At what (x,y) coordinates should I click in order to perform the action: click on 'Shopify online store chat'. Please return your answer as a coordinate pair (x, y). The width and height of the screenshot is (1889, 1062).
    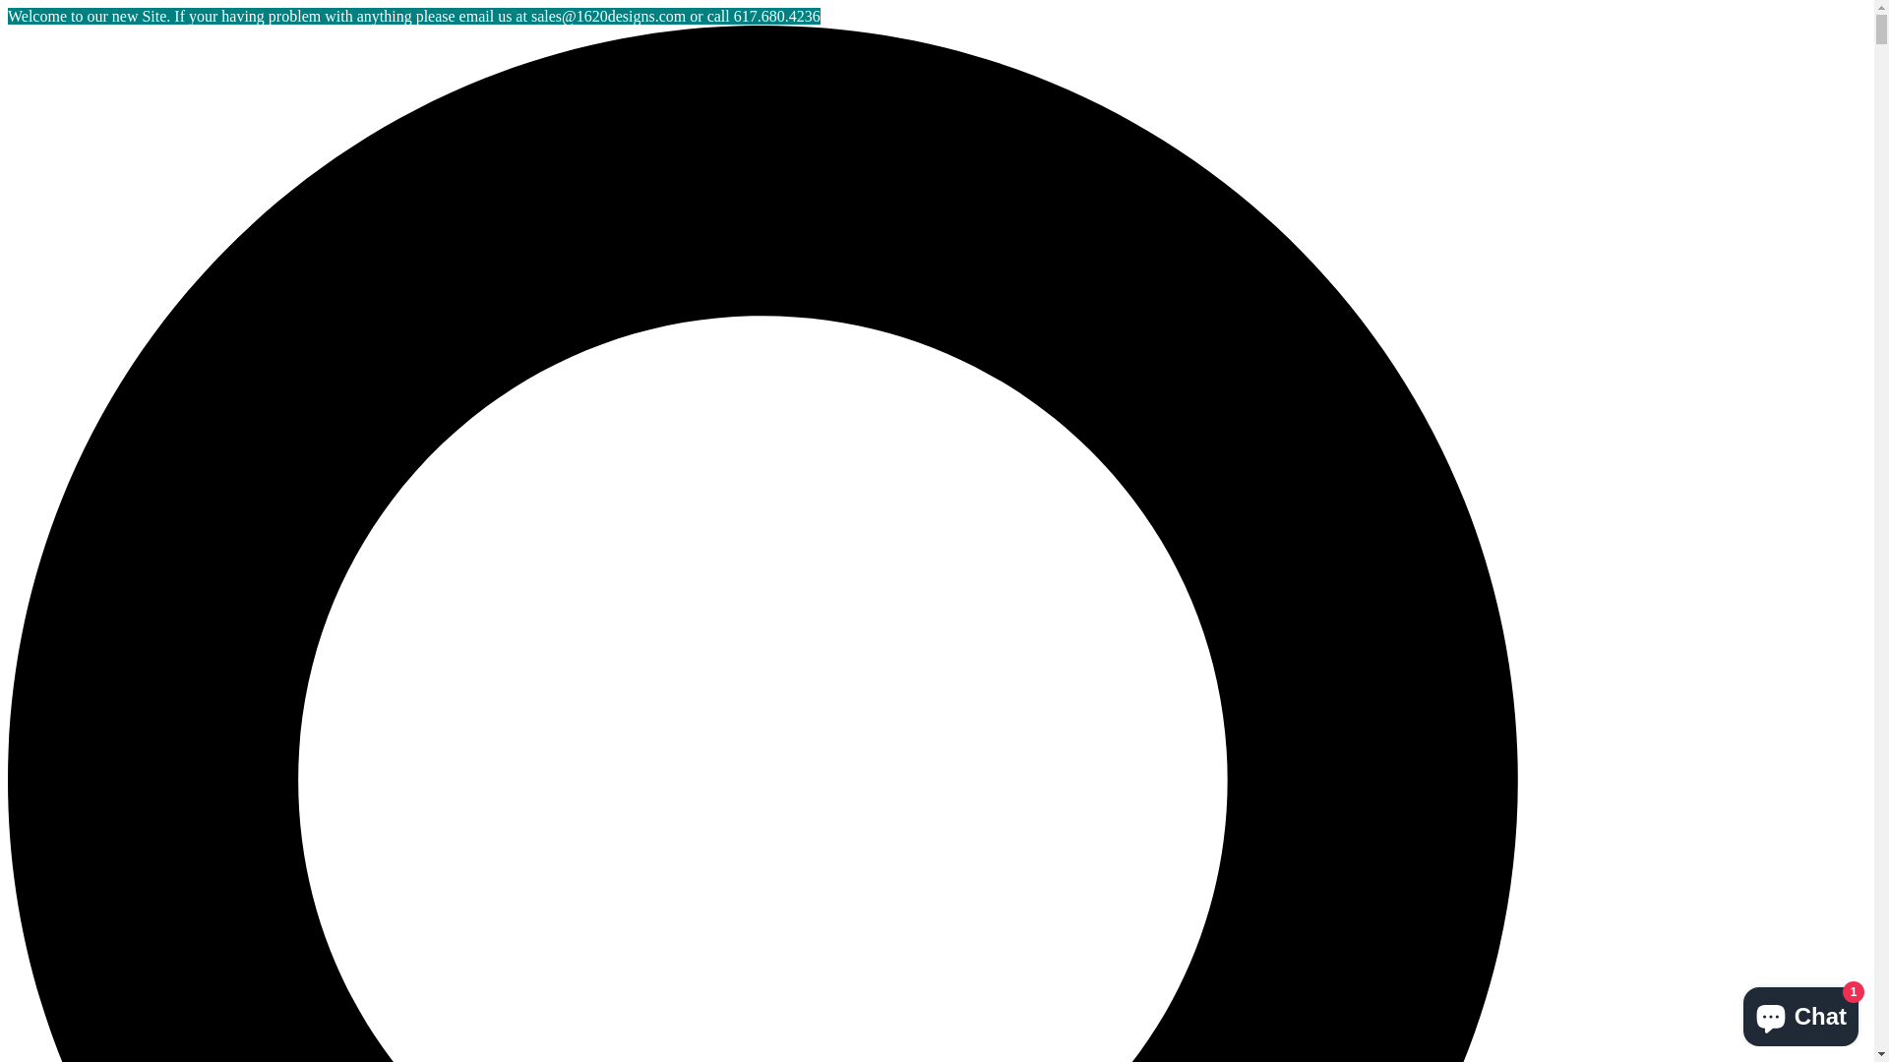
    Looking at the image, I should click on (1737, 1012).